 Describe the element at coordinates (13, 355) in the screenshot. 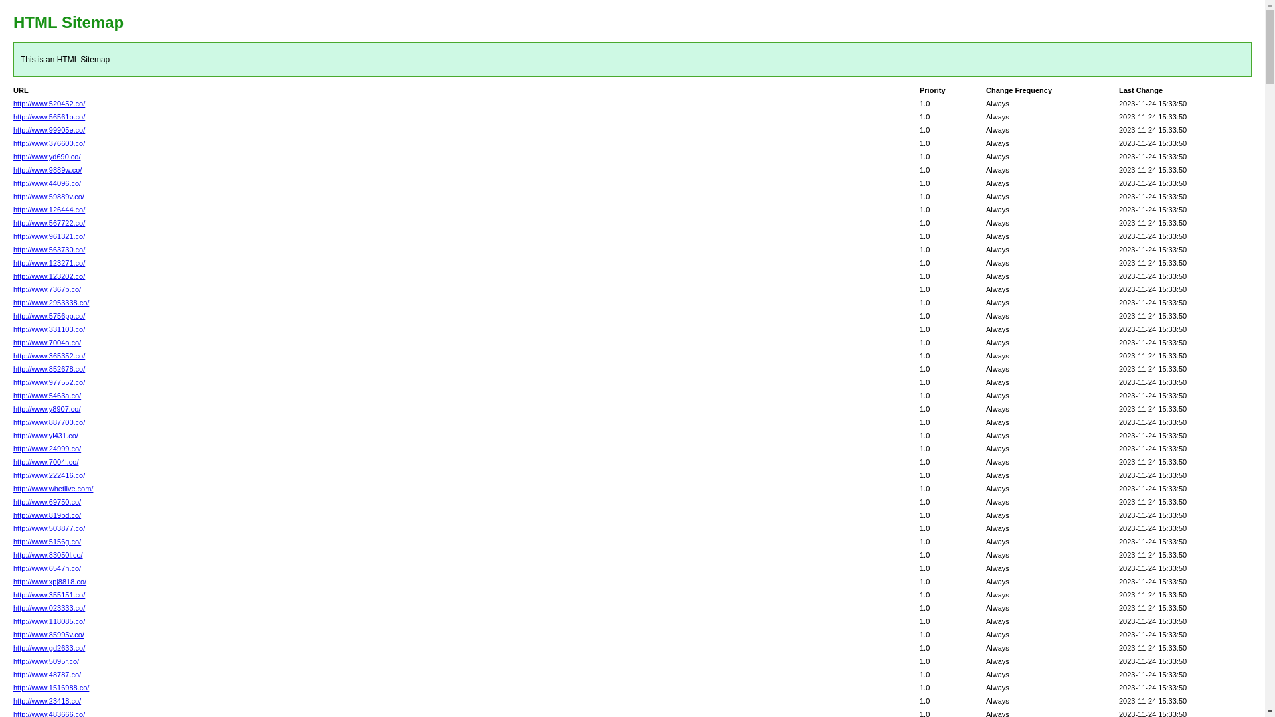

I see `'http://www.365352.co/'` at that location.